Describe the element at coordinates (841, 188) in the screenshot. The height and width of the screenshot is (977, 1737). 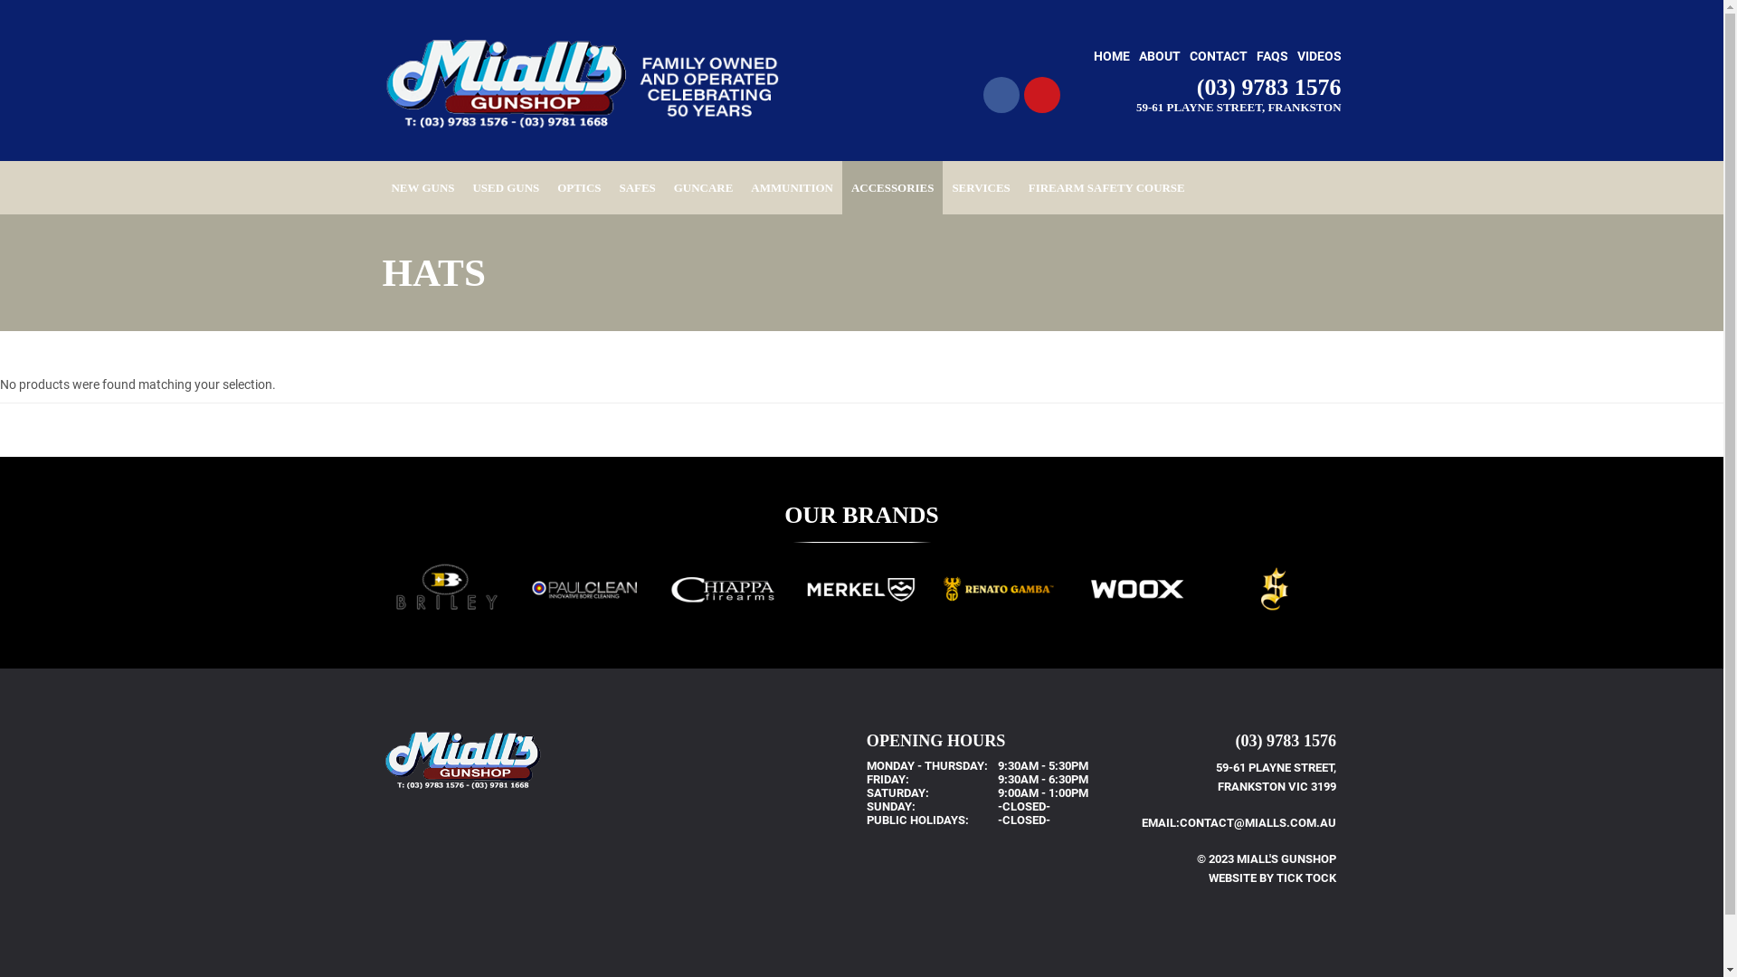
I see `'ACCESSORIES'` at that location.